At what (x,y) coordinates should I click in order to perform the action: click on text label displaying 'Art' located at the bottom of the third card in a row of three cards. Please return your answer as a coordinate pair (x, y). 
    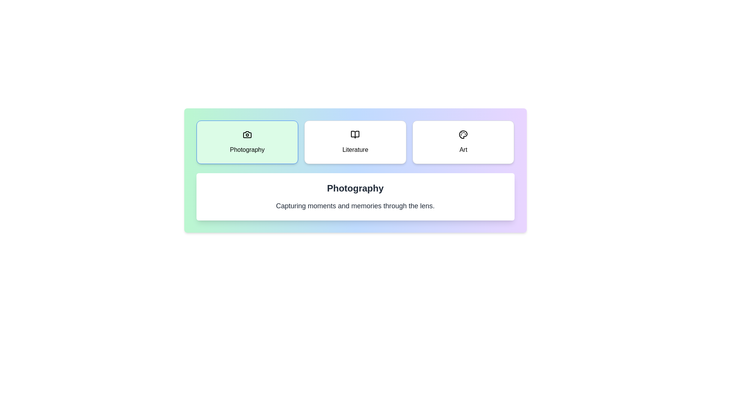
    Looking at the image, I should click on (463, 150).